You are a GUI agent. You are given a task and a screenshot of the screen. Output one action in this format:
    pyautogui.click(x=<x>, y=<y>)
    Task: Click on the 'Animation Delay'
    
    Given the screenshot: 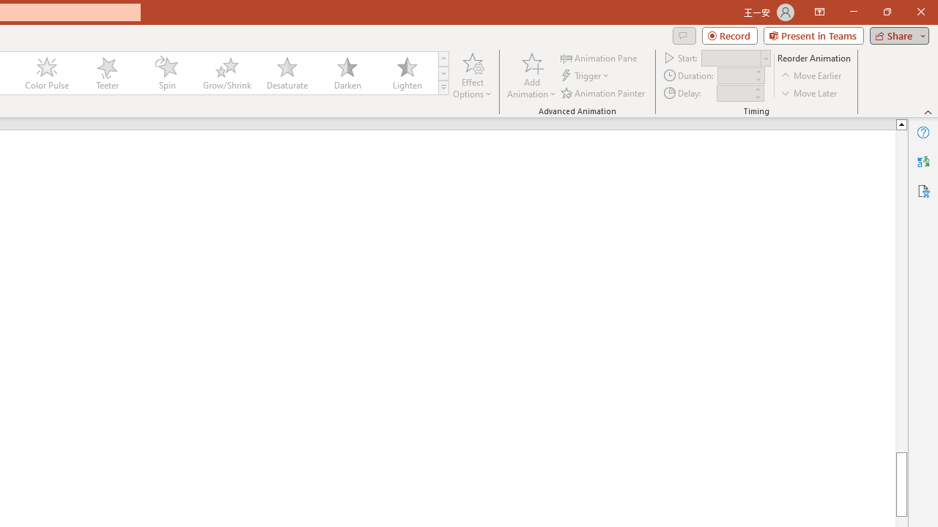 What is the action you would take?
    pyautogui.click(x=734, y=93)
    